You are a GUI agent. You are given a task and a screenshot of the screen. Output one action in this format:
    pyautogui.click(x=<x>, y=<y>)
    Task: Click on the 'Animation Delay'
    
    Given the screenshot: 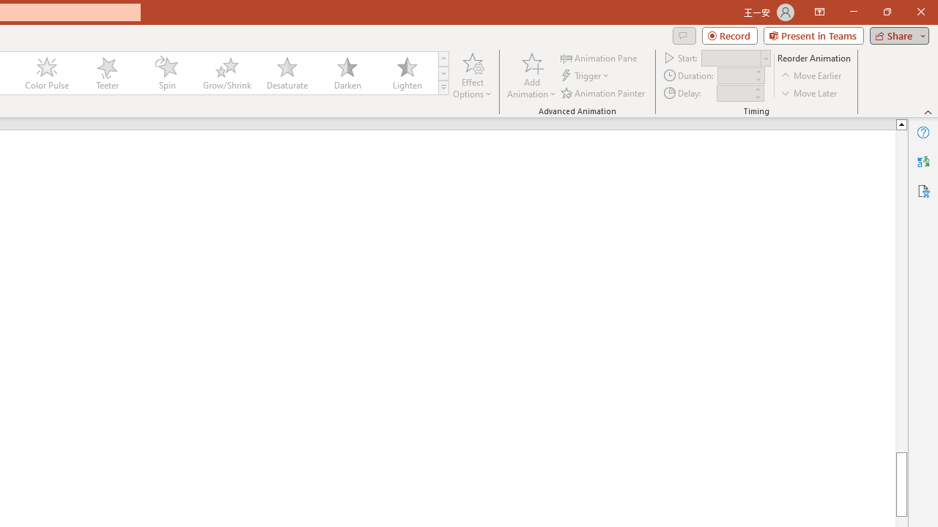 What is the action you would take?
    pyautogui.click(x=734, y=93)
    